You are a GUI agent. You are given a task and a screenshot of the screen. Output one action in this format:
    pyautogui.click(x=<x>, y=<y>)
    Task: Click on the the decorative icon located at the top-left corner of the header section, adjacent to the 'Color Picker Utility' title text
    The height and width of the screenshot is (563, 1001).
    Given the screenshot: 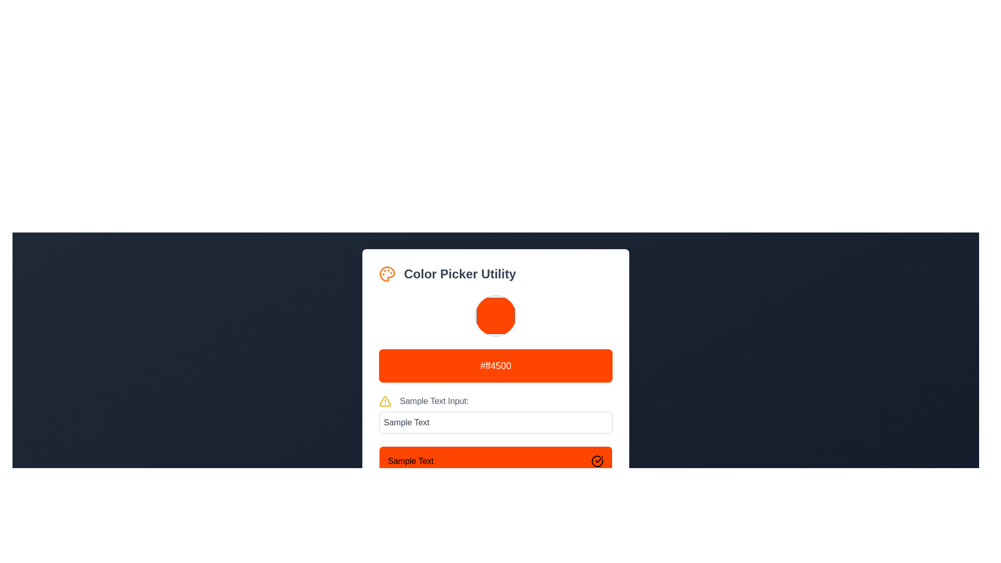 What is the action you would take?
    pyautogui.click(x=387, y=273)
    